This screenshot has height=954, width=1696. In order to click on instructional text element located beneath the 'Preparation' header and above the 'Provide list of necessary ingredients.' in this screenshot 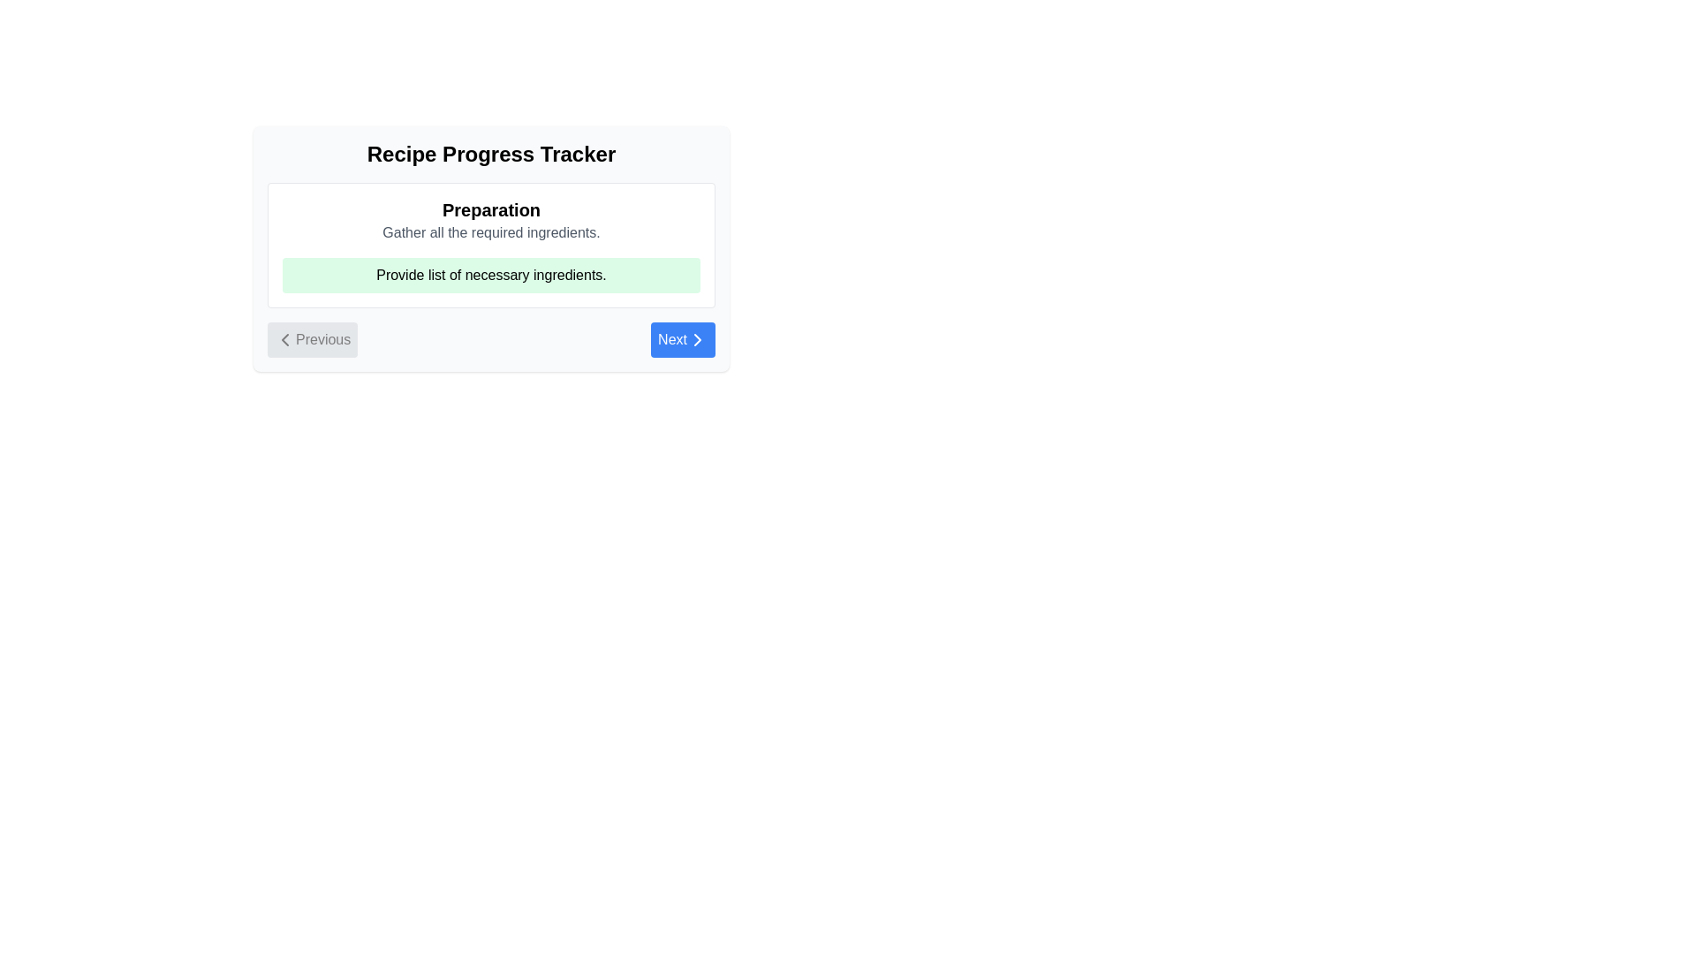, I will do `click(491, 231)`.